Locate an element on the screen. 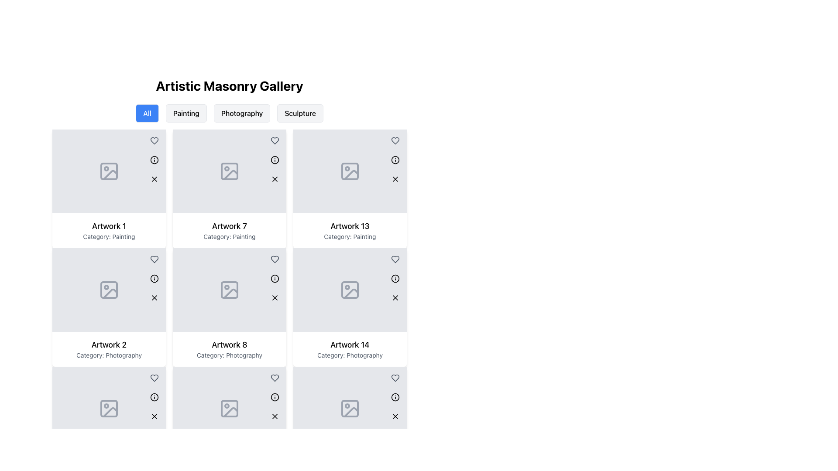 This screenshot has width=838, height=471. the information icon located in the leftmost card of a 3-column grid layout, positioned below the heart icon and above the 'Artwork 2' label, aligned to the right side of the card is located at coordinates (155, 279).